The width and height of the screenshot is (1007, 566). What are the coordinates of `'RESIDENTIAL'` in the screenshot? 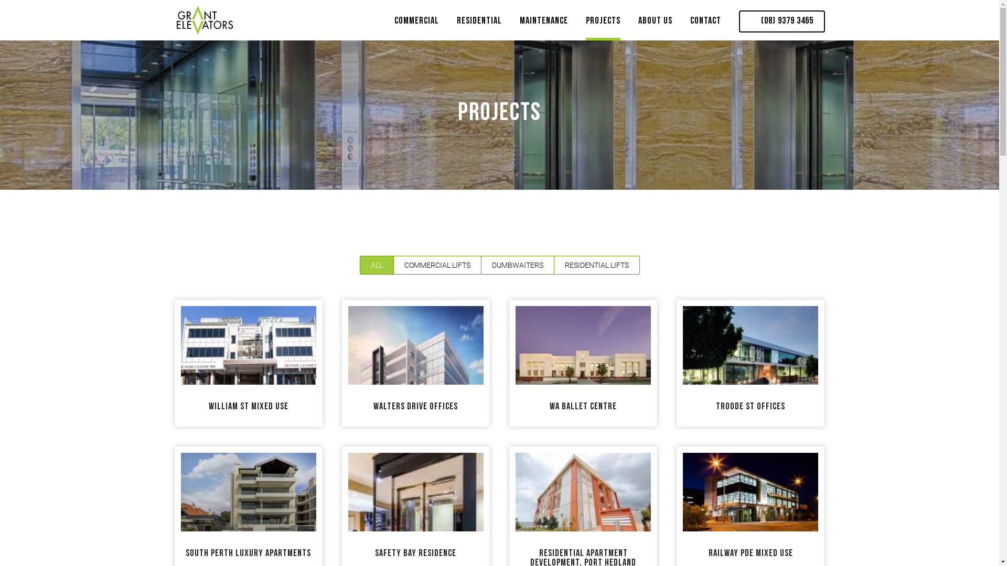 It's located at (456, 24).